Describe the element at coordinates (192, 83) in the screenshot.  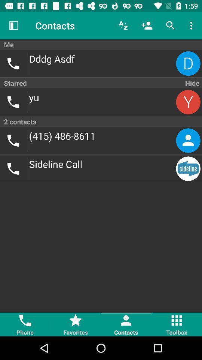
I see `the hide` at that location.